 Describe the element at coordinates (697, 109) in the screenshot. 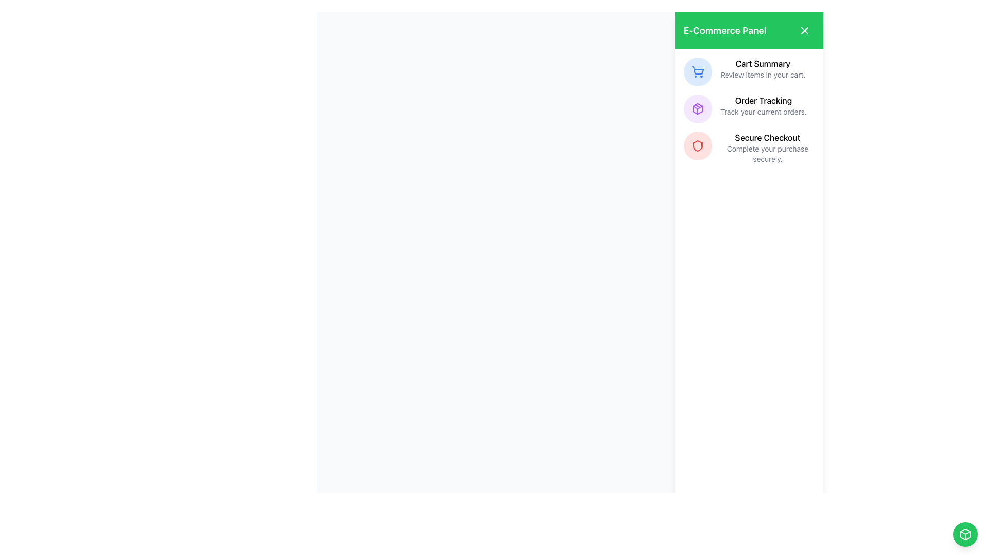

I see `the SVG graphic icon representing 'Order Tracking'` at that location.